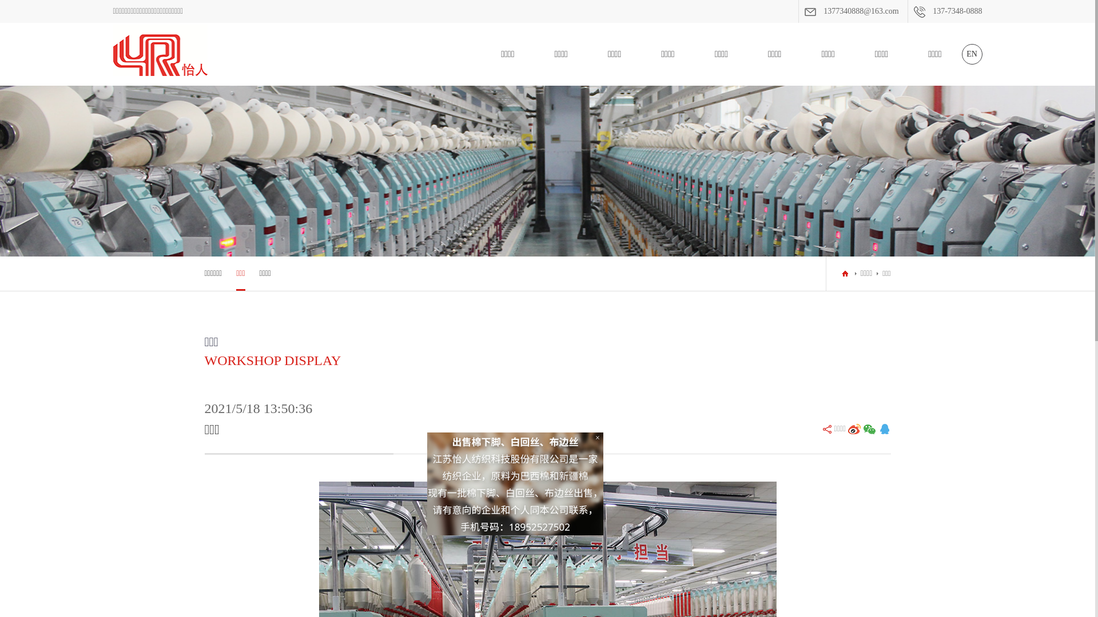  What do you see at coordinates (961, 54) in the screenshot?
I see `'EN'` at bounding box center [961, 54].